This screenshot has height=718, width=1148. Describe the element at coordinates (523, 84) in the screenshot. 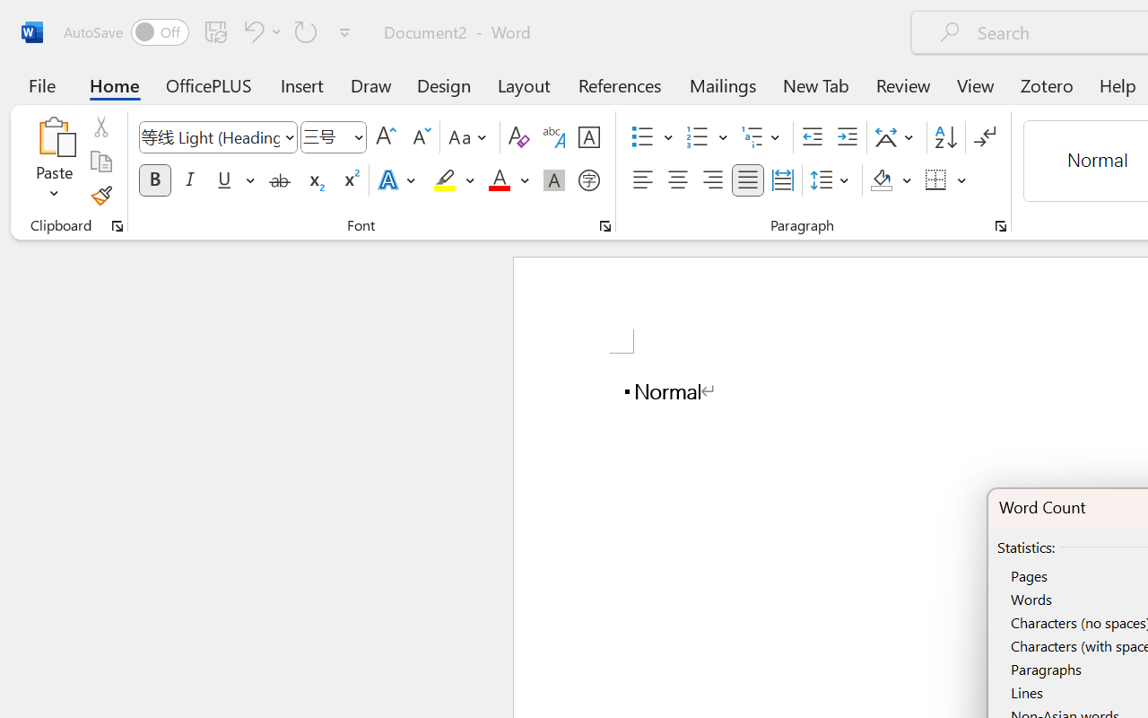

I see `'Layout'` at that location.